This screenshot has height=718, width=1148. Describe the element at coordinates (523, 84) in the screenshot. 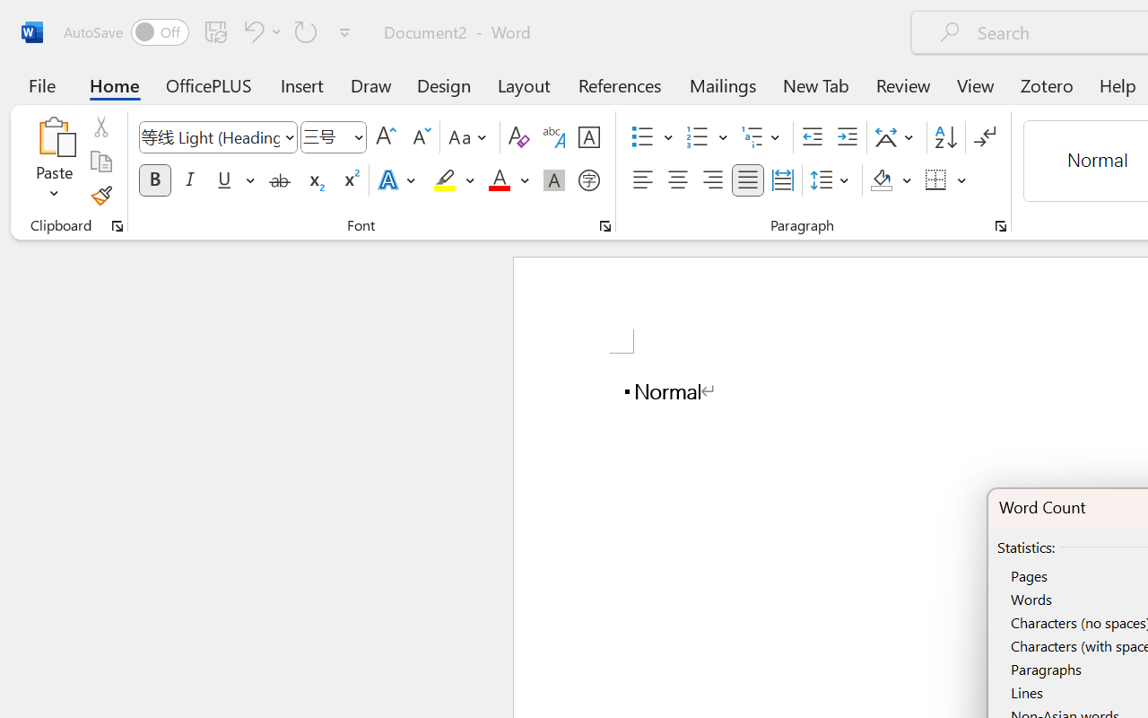

I see `'Layout'` at that location.